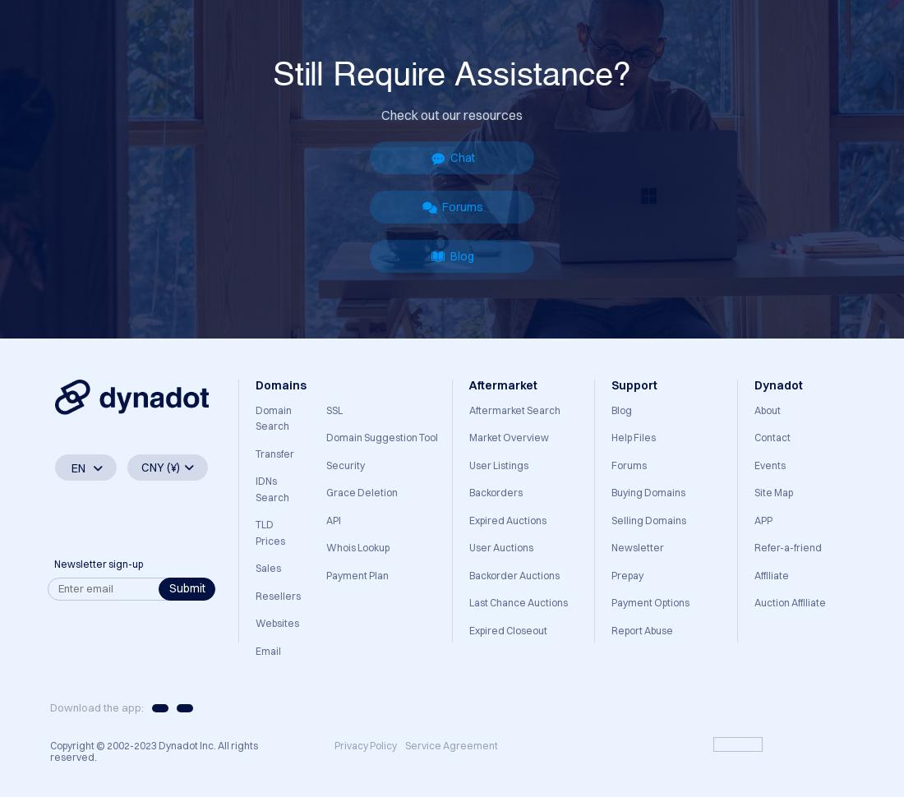 This screenshot has width=904, height=797. Describe the element at coordinates (468, 492) in the screenshot. I see `'Backorders'` at that location.